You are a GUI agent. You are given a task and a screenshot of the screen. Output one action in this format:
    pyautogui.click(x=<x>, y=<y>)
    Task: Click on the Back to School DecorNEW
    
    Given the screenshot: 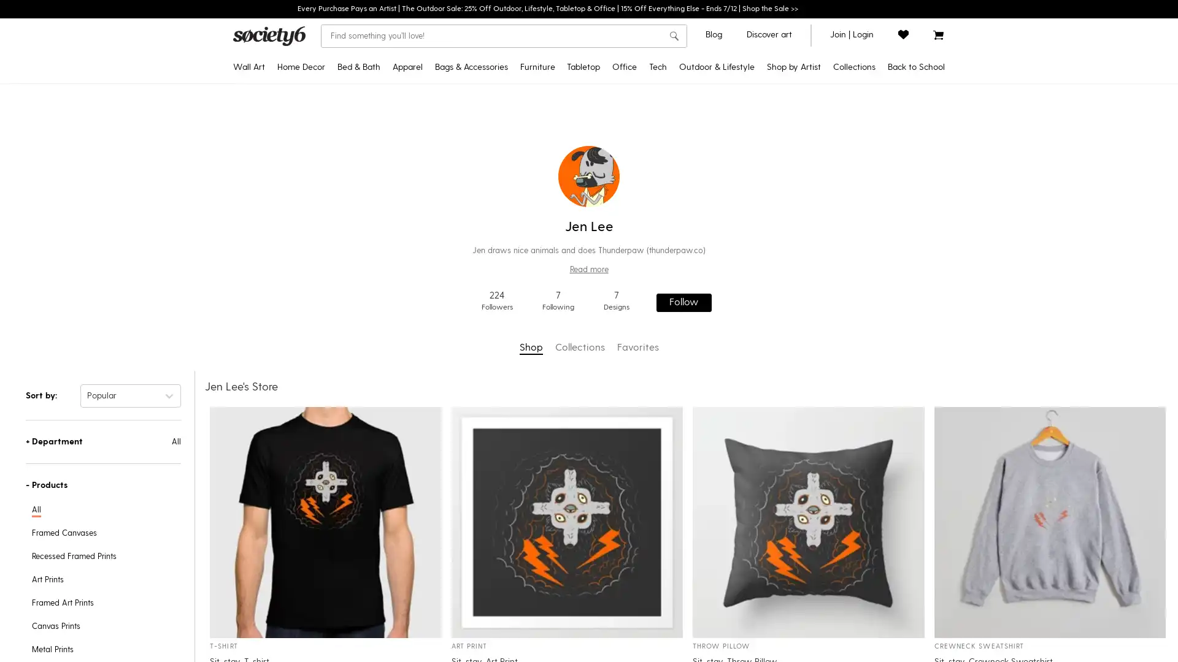 What is the action you would take?
    pyautogui.click(x=882, y=98)
    